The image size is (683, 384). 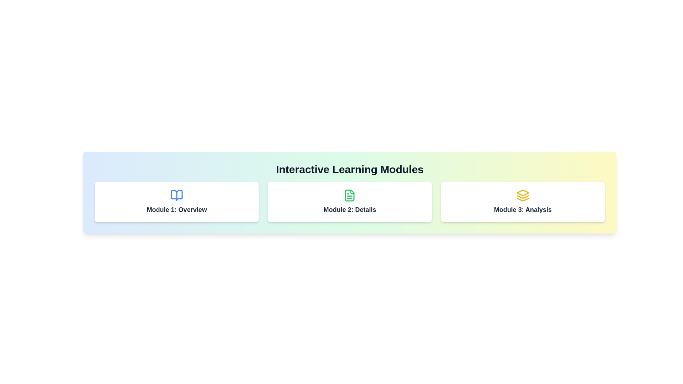 I want to click on contents of the Text Label that serves as the title for the middle module in the 'Interactive Learning Modules' layout, so click(x=350, y=209).